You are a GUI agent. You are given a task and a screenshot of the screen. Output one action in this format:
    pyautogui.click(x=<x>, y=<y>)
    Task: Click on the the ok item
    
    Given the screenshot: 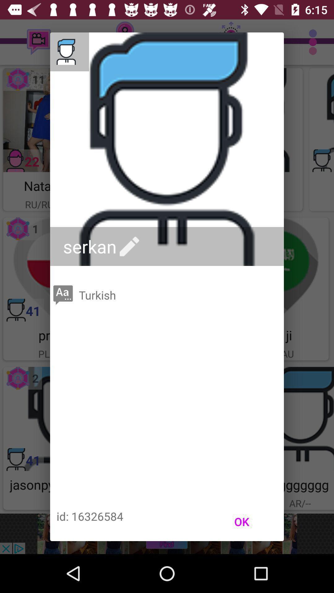 What is the action you would take?
    pyautogui.click(x=241, y=521)
    